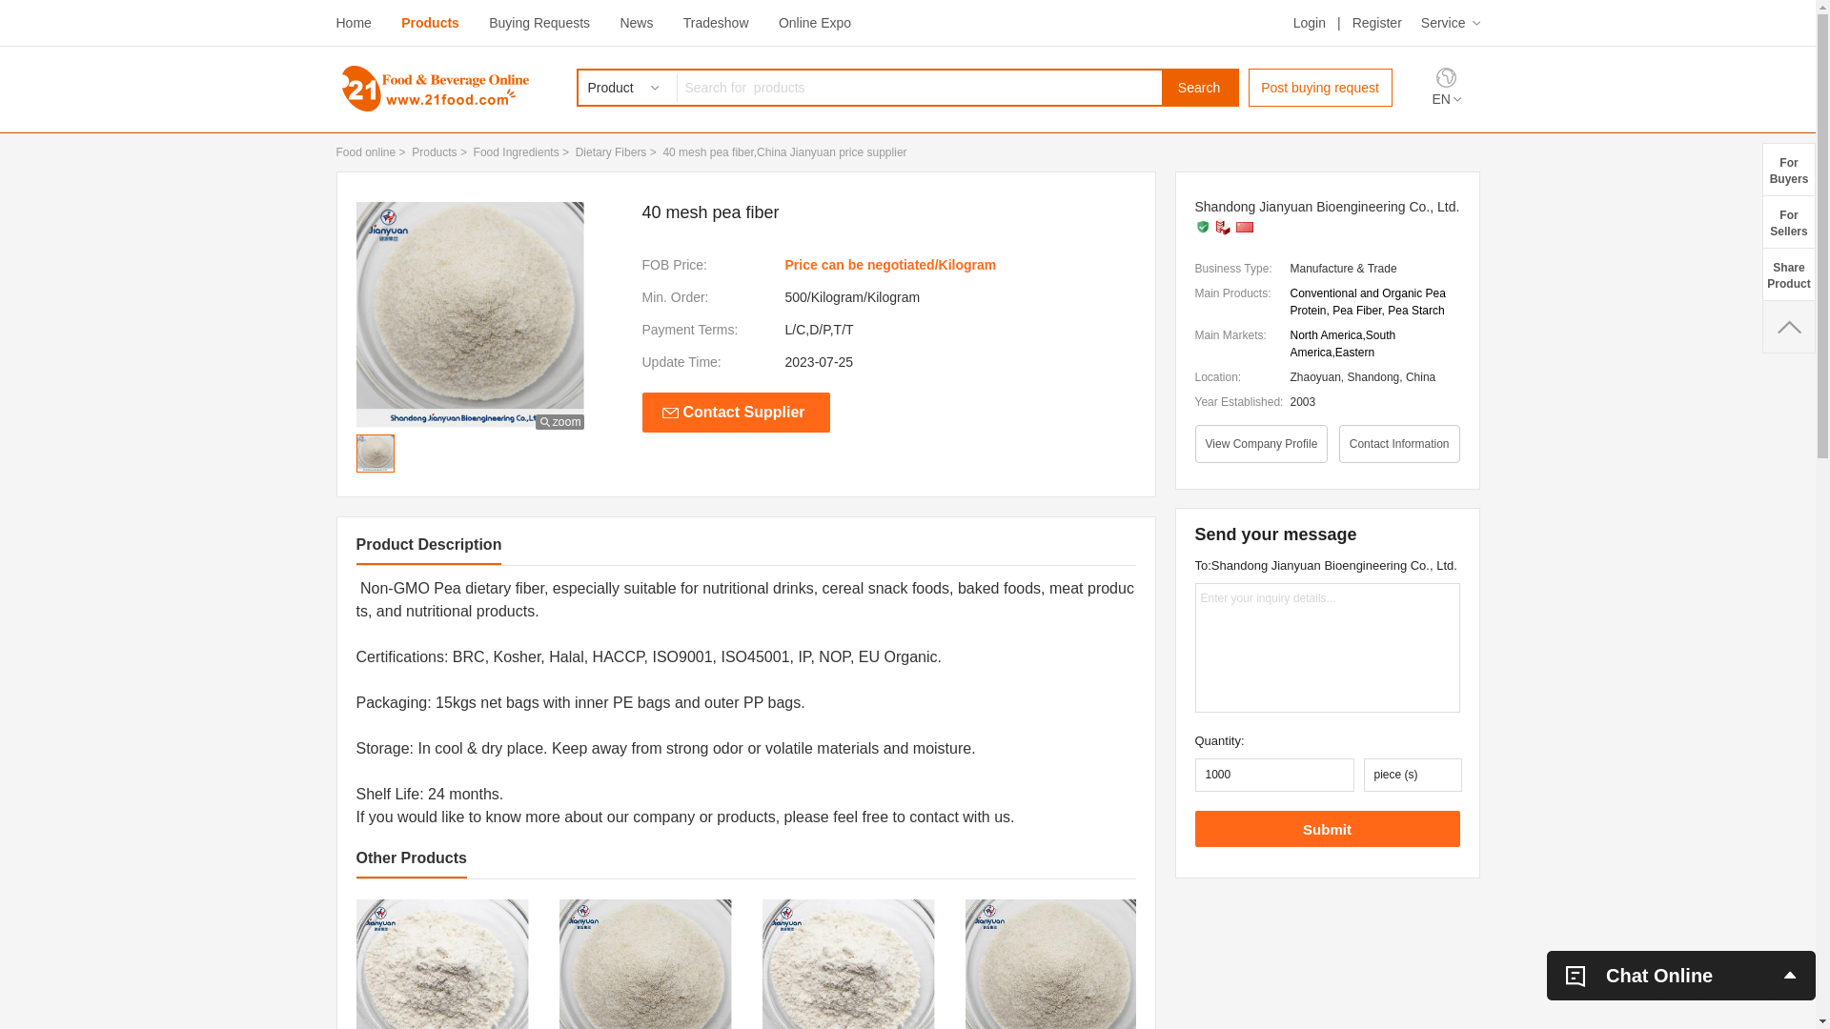 The height and width of the screenshot is (1029, 1830). Describe the element at coordinates (1376, 22) in the screenshot. I see `'Register'` at that location.